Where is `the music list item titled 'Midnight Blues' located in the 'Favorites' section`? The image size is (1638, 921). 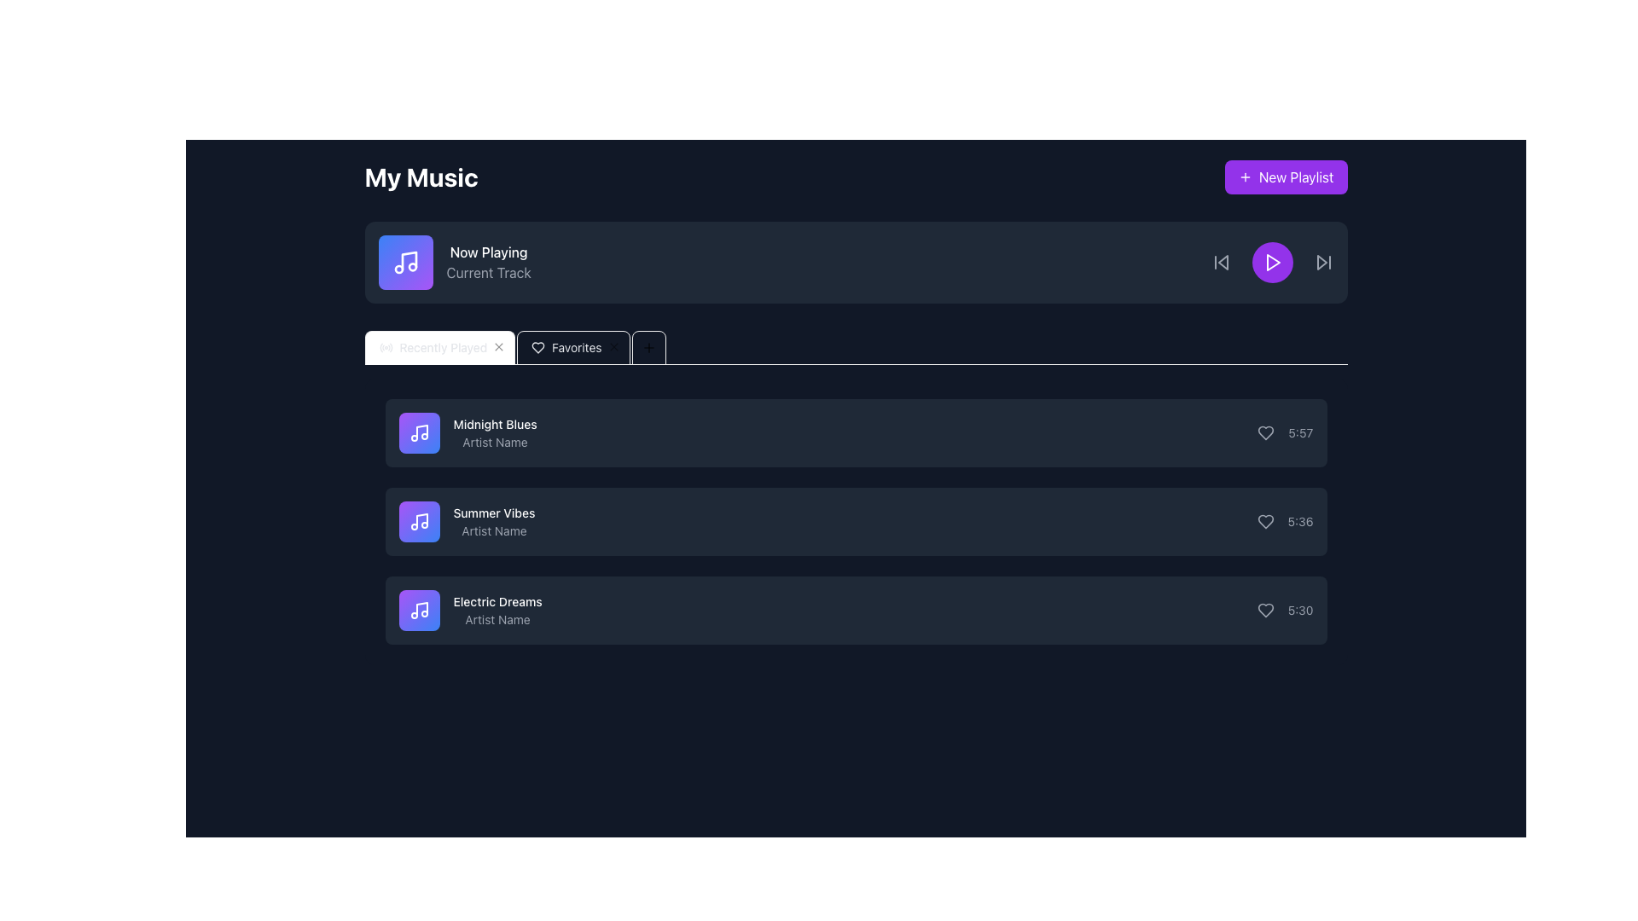 the music list item titled 'Midnight Blues' located in the 'Favorites' section is located at coordinates (856, 432).